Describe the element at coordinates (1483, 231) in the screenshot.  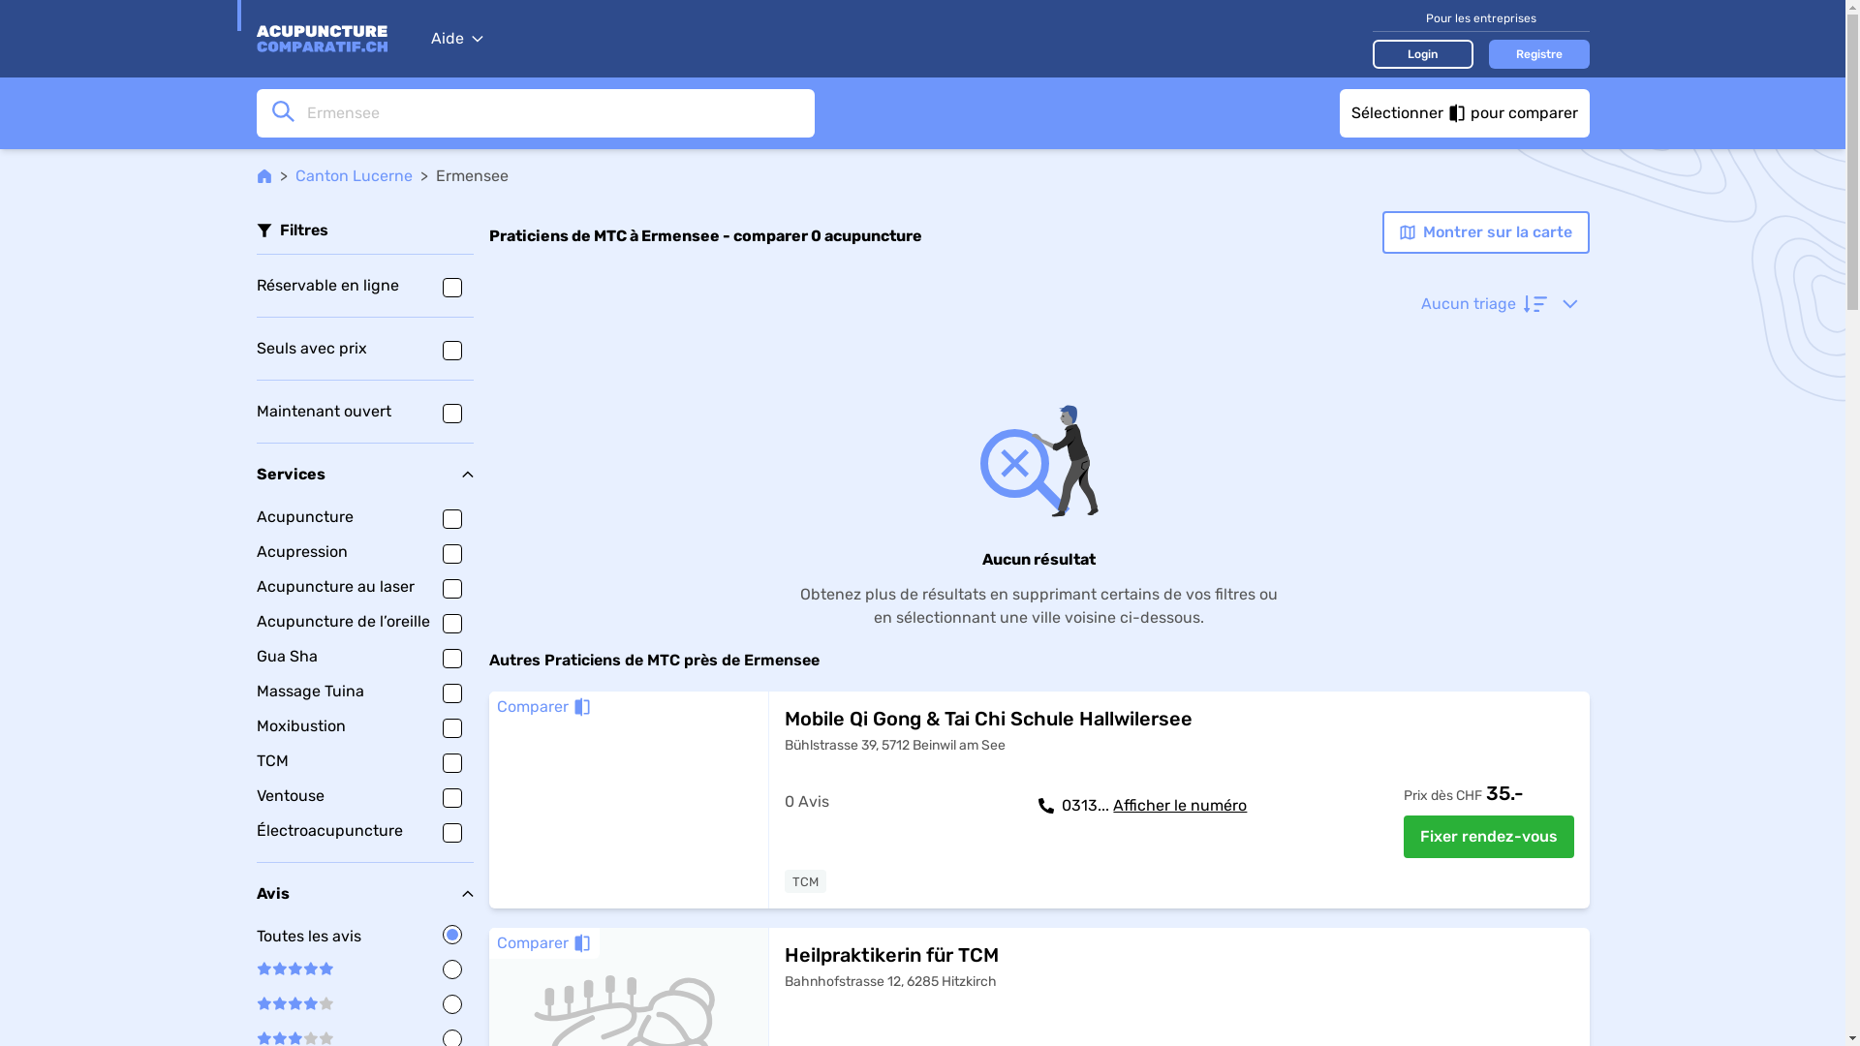
I see `'Montrer sur la carte'` at that location.